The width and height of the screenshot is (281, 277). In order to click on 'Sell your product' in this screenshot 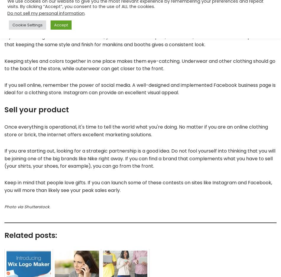, I will do `click(36, 109)`.